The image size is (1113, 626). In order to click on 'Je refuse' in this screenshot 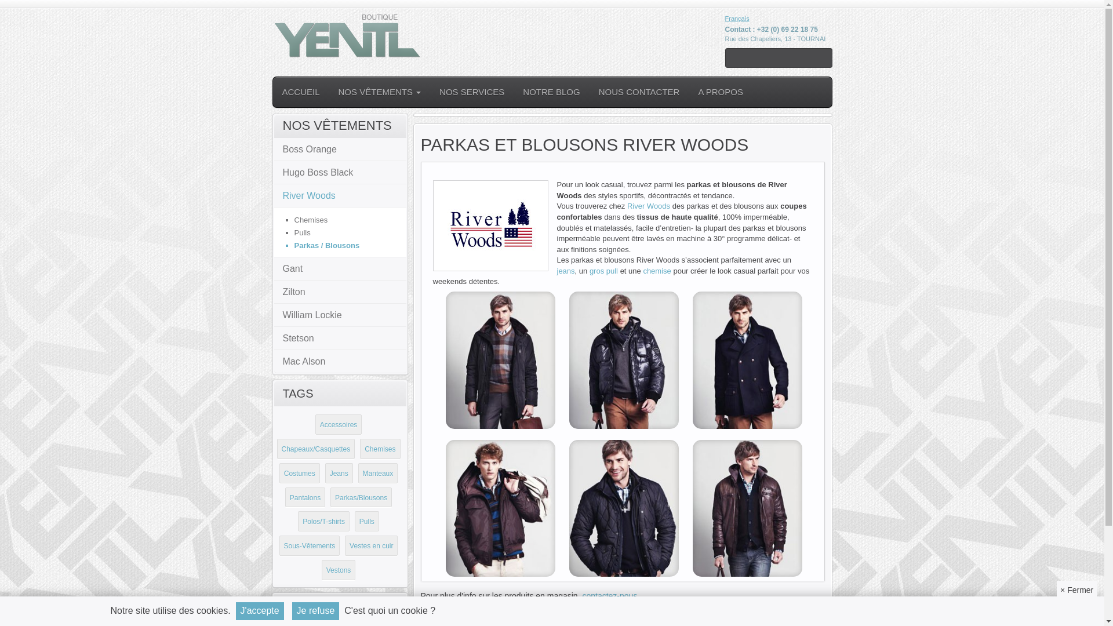, I will do `click(316, 610)`.